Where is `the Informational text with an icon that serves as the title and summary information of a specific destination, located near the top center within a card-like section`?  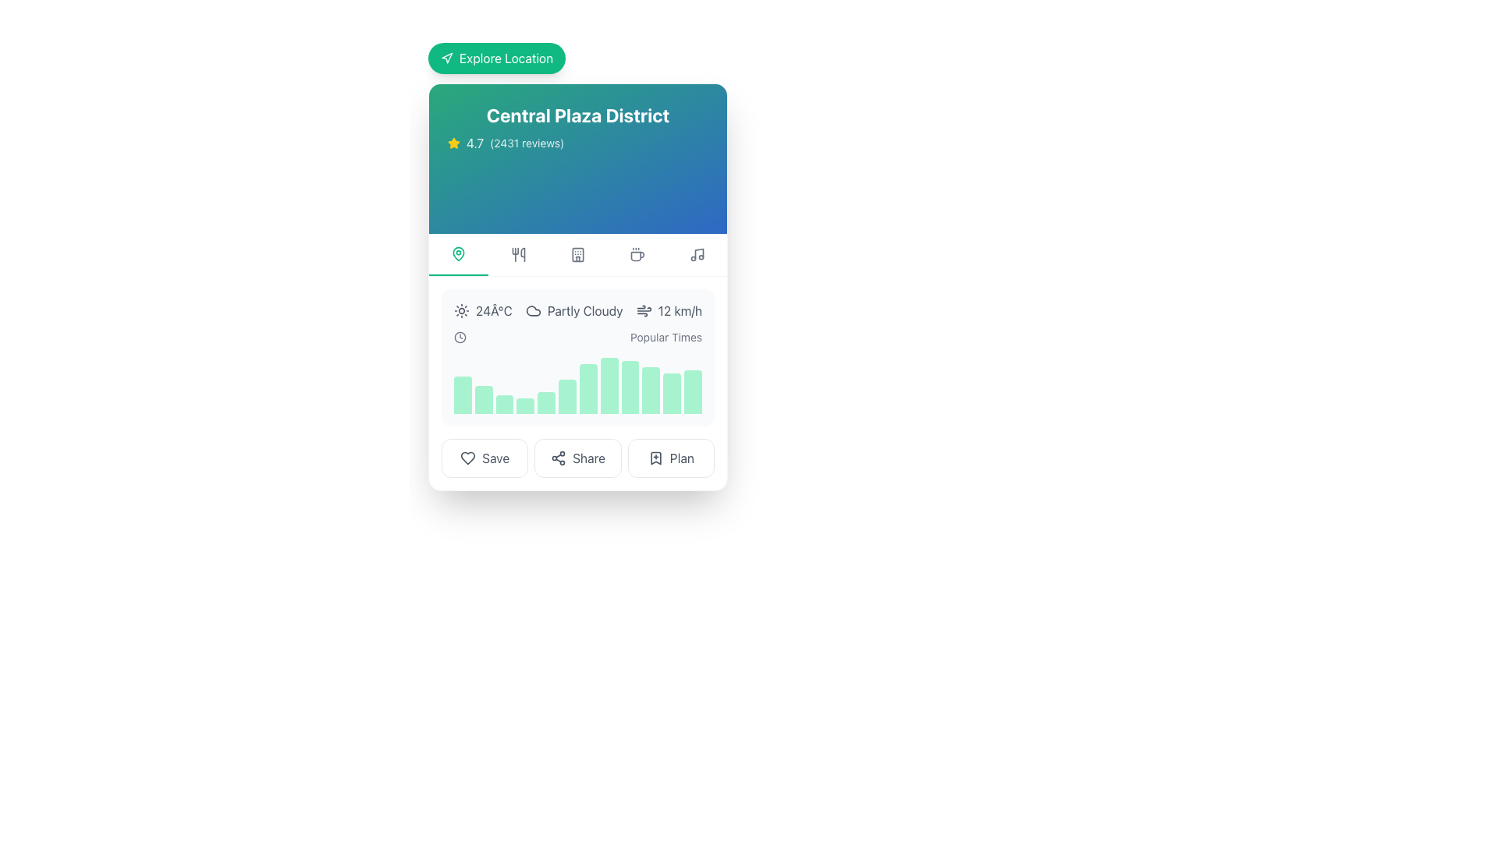 the Informational text with an icon that serves as the title and summary information of a specific destination, located near the top center within a card-like section is located at coordinates (577, 127).